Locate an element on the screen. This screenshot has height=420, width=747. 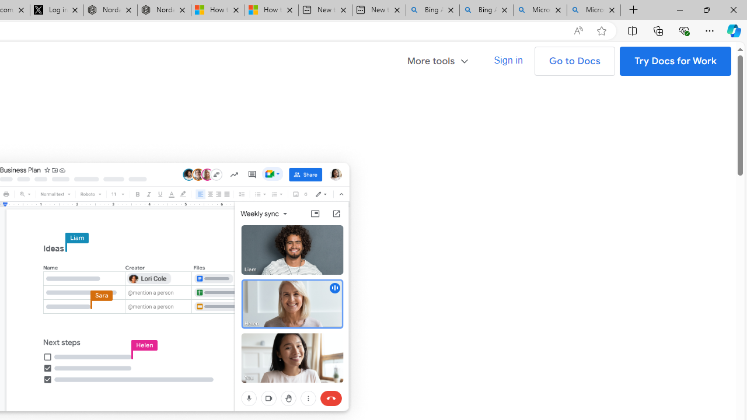
'More tools' is located at coordinates (442, 60).